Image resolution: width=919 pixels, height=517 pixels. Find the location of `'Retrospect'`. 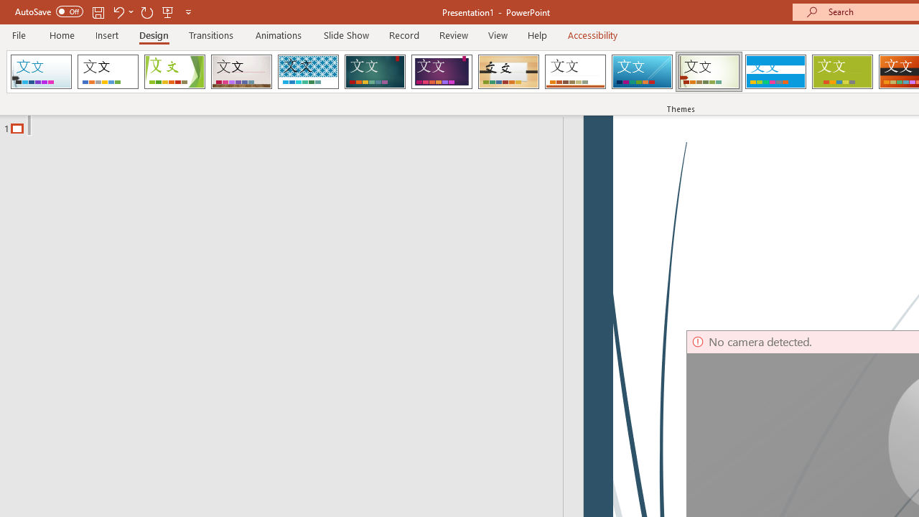

'Retrospect' is located at coordinates (575, 72).